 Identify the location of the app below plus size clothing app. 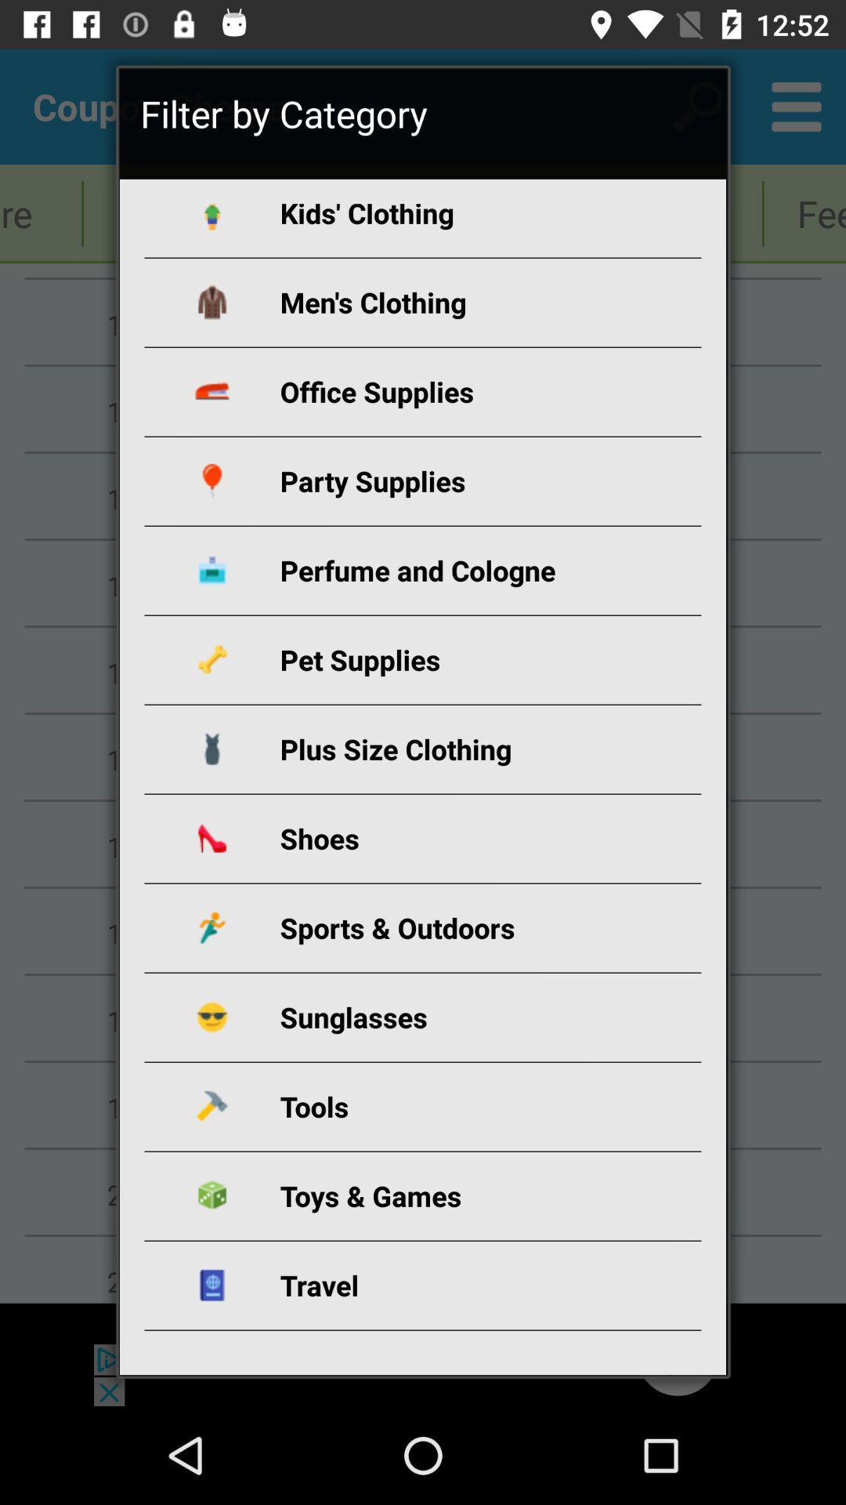
(441, 837).